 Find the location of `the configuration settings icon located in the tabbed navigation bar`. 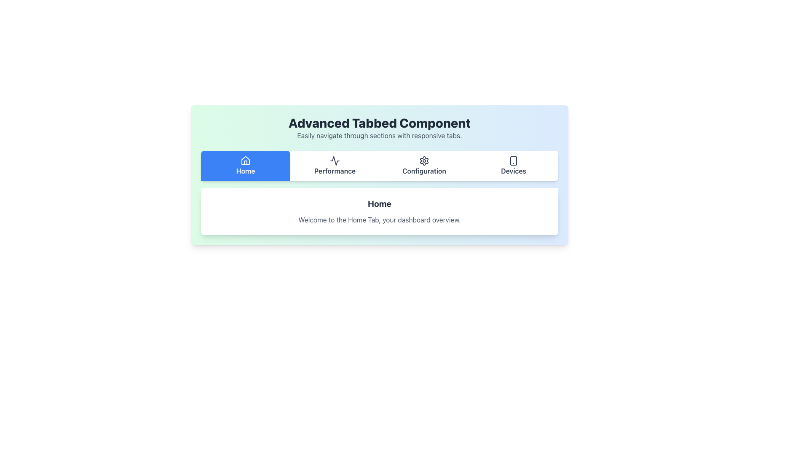

the configuration settings icon located in the tabbed navigation bar is located at coordinates (424, 161).